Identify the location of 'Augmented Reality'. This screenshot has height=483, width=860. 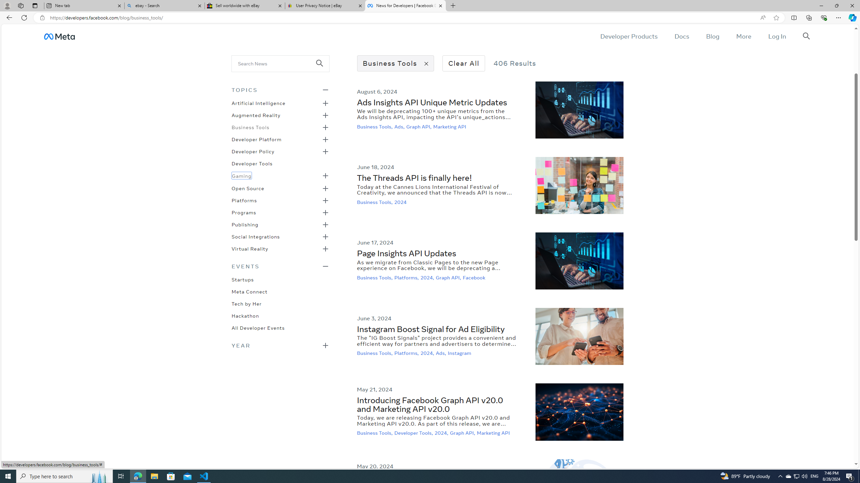
(256, 114).